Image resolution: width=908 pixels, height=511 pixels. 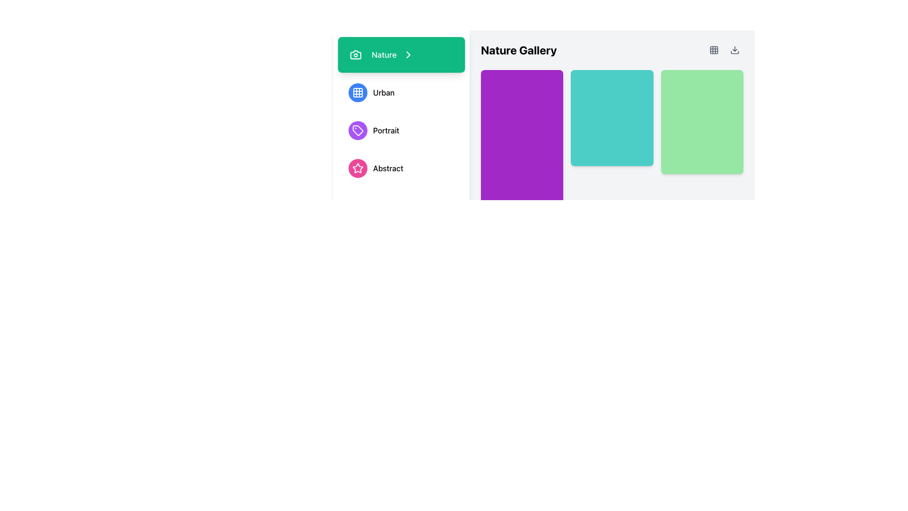 What do you see at coordinates (714, 50) in the screenshot?
I see `the toggle button located in the top-right corner of the interface` at bounding box center [714, 50].